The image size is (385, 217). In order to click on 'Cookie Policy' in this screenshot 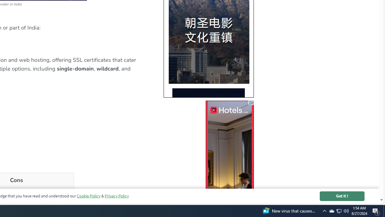, I will do `click(88, 196)`.